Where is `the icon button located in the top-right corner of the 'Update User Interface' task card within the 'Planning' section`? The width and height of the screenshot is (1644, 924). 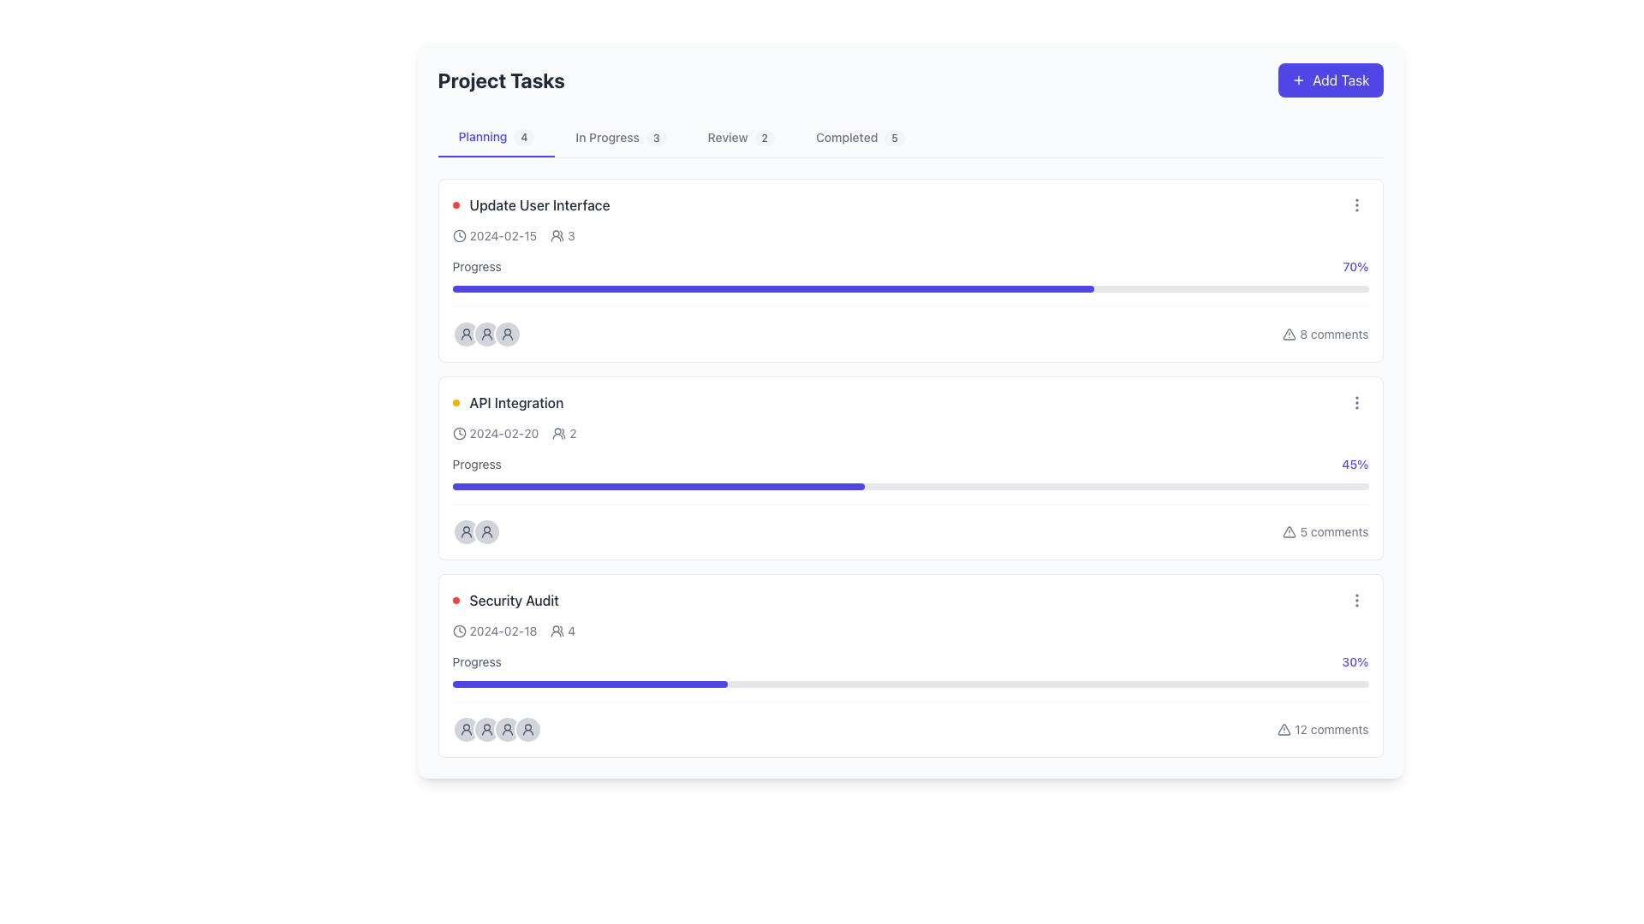
the icon button located in the top-right corner of the 'Update User Interface' task card within the 'Planning' section is located at coordinates (1355, 204).